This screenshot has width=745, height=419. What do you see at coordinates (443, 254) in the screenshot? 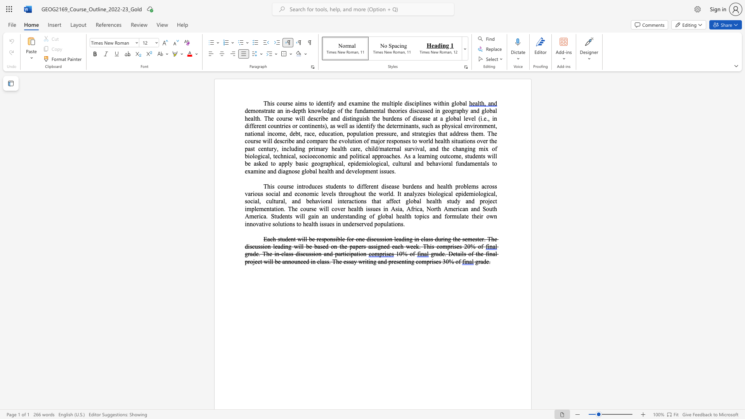
I see `the 1th character "e" in the text` at bounding box center [443, 254].